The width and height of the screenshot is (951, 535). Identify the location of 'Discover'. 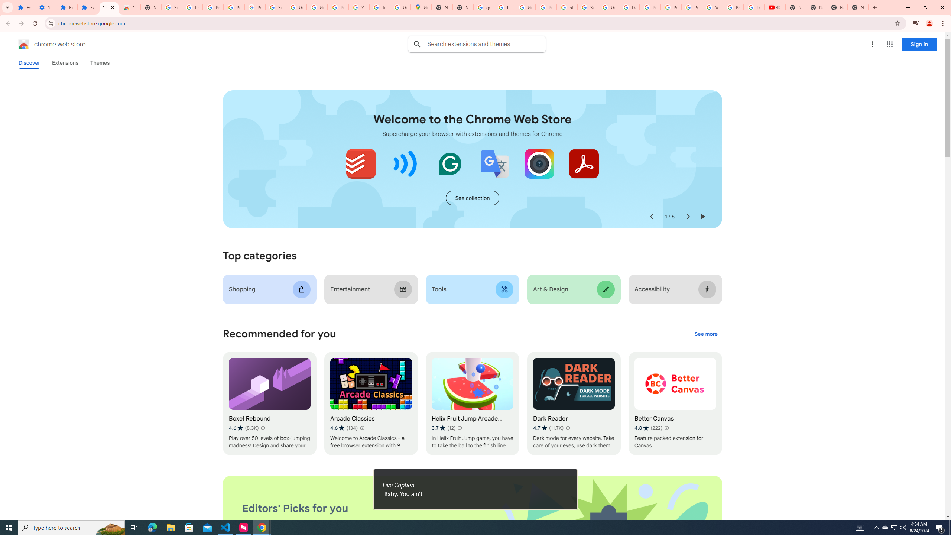
(29, 62).